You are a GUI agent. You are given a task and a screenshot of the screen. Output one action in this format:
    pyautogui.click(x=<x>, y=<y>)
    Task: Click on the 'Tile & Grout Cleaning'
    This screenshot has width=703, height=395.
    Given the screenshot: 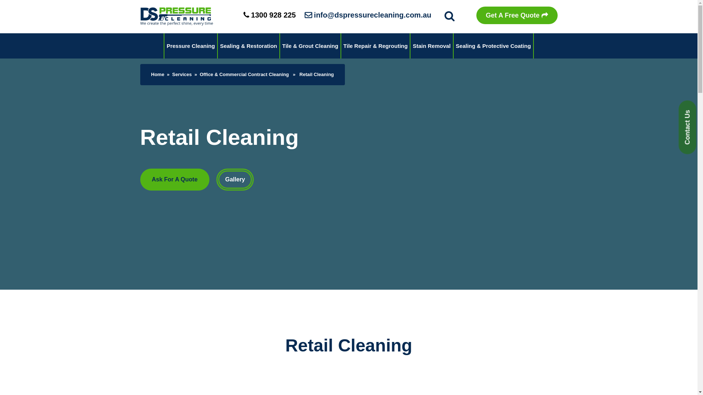 What is the action you would take?
    pyautogui.click(x=310, y=46)
    